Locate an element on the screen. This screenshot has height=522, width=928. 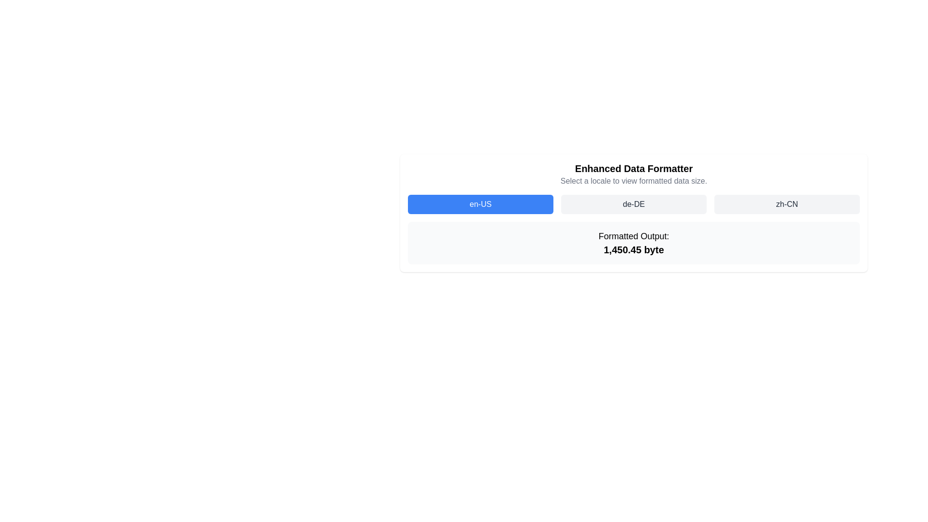
the middle button labeled 'de-DE' is located at coordinates (634, 204).